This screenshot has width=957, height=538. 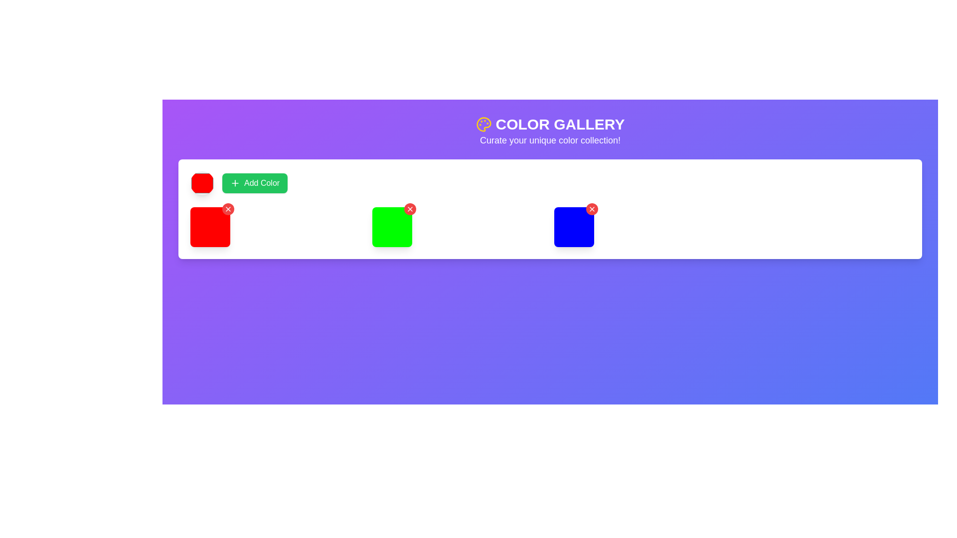 I want to click on the 'Add Color' button, which is positioned to the right of a small circular color selector and aligned in the center of its horizontal grouping, to observe the hover effect, so click(x=255, y=183).